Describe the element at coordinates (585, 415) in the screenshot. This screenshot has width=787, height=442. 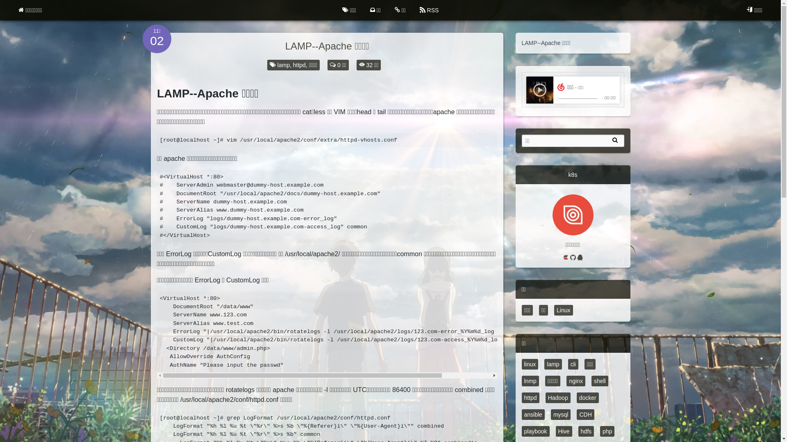
I see `'CDH'` at that location.